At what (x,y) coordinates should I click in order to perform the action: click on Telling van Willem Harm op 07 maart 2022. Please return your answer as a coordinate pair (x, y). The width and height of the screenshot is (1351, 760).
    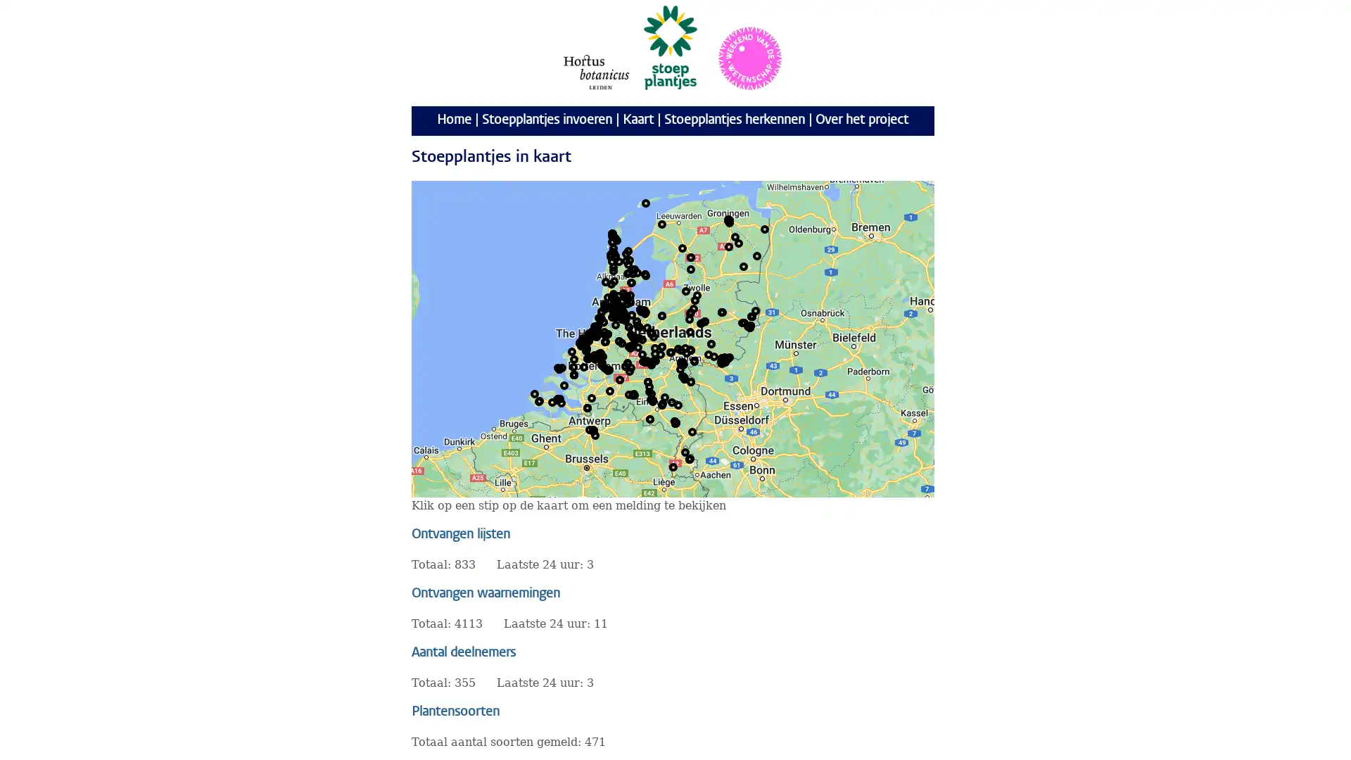
    Looking at the image, I should click on (602, 355).